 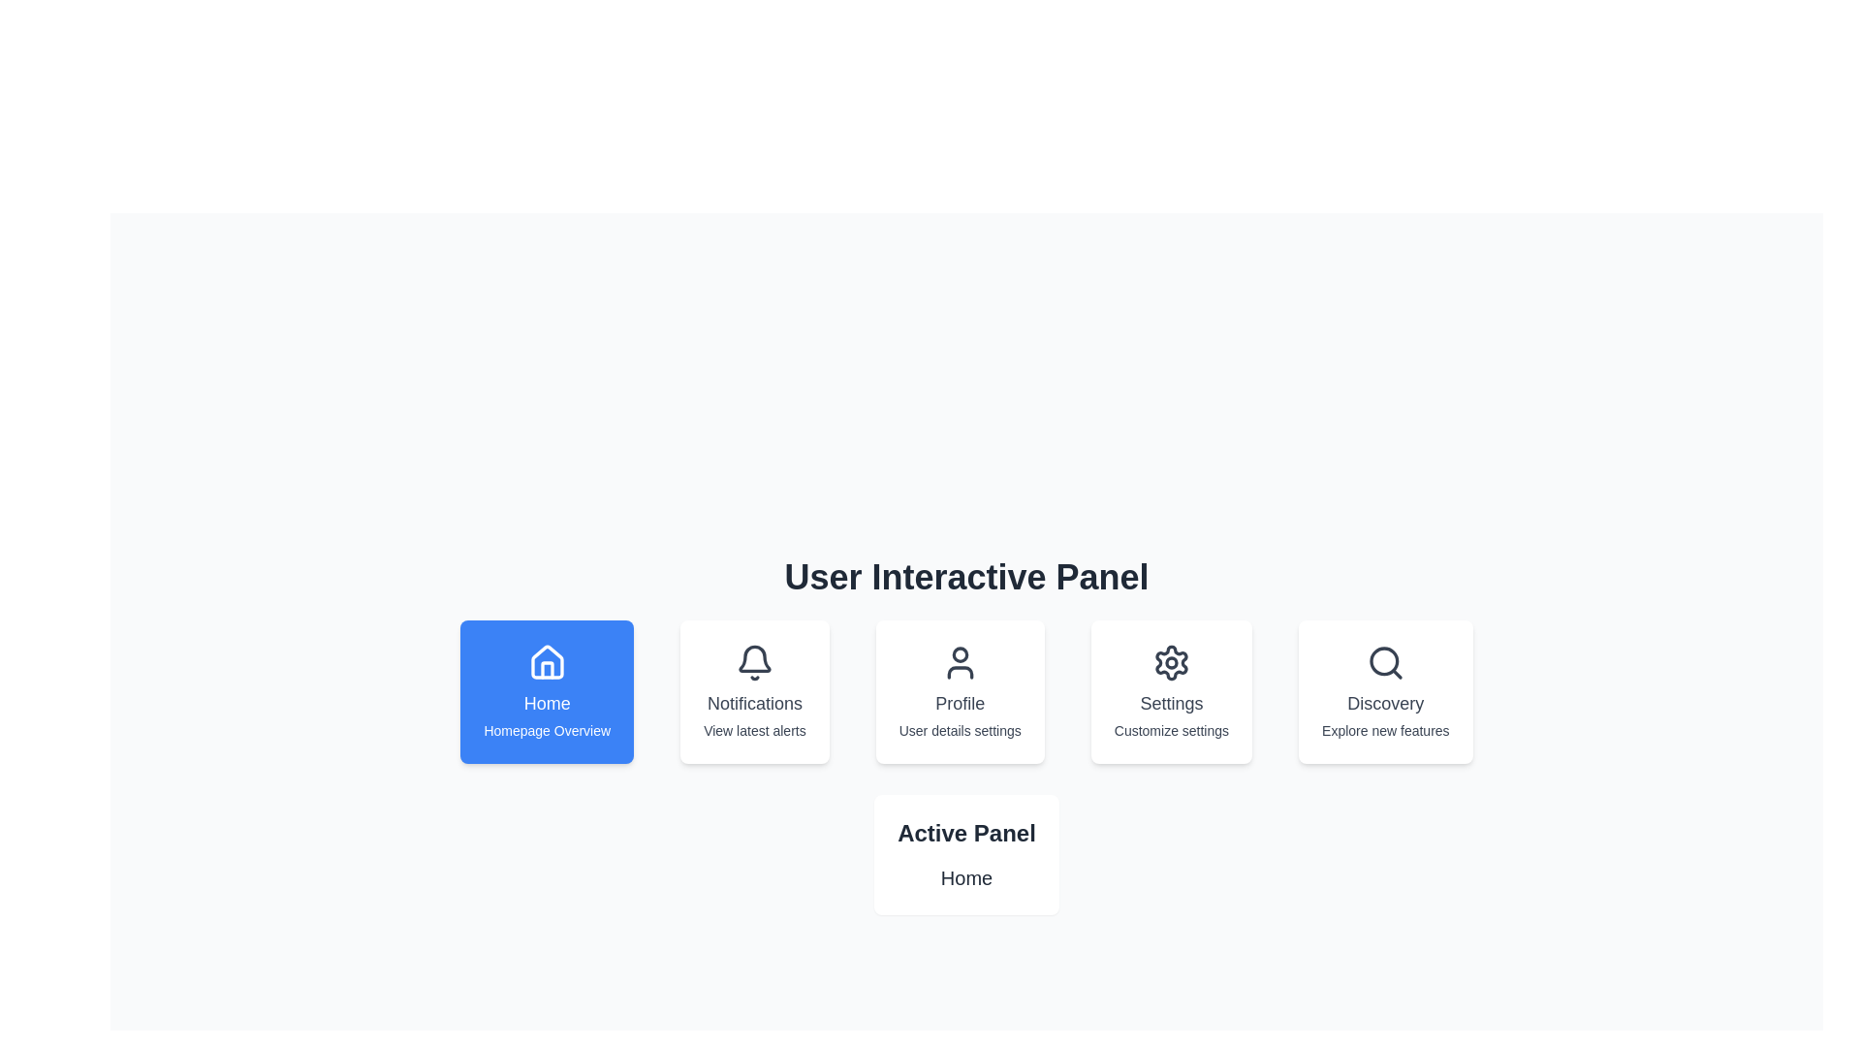 I want to click on the 'User details settings' text element, which is located directly below the 'Profile' text in the interface, so click(x=960, y=730).